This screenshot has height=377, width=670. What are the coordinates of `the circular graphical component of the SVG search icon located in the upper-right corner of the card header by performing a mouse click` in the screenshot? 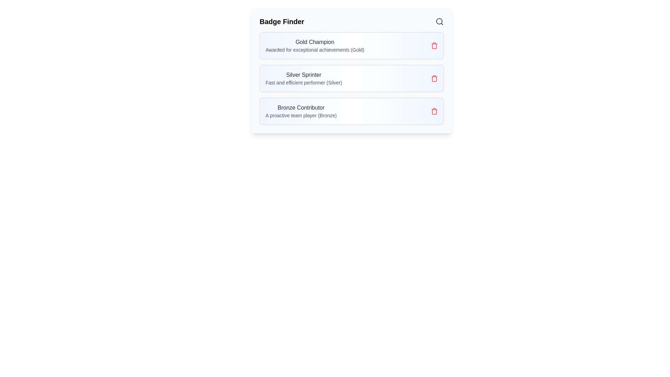 It's located at (439, 21).